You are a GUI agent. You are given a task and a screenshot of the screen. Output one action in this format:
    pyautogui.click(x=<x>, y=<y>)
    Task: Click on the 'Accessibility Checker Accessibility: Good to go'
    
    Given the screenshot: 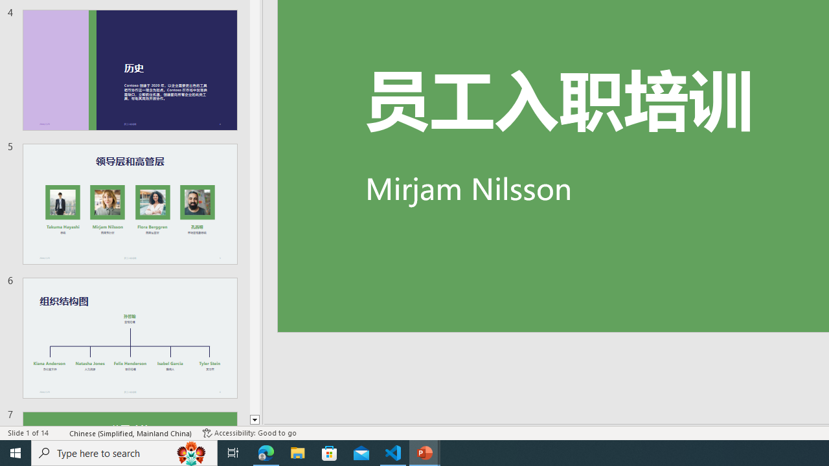 What is the action you would take?
    pyautogui.click(x=249, y=433)
    